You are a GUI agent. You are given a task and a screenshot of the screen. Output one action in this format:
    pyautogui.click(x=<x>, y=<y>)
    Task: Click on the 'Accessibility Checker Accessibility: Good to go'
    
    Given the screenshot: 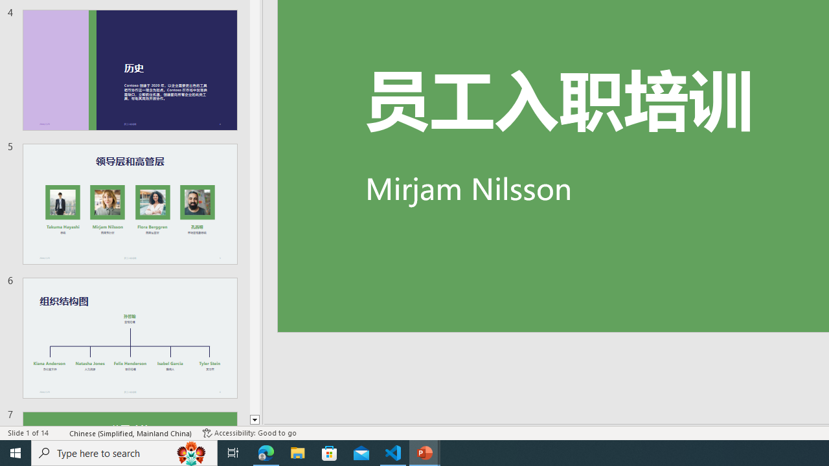 What is the action you would take?
    pyautogui.click(x=249, y=433)
    